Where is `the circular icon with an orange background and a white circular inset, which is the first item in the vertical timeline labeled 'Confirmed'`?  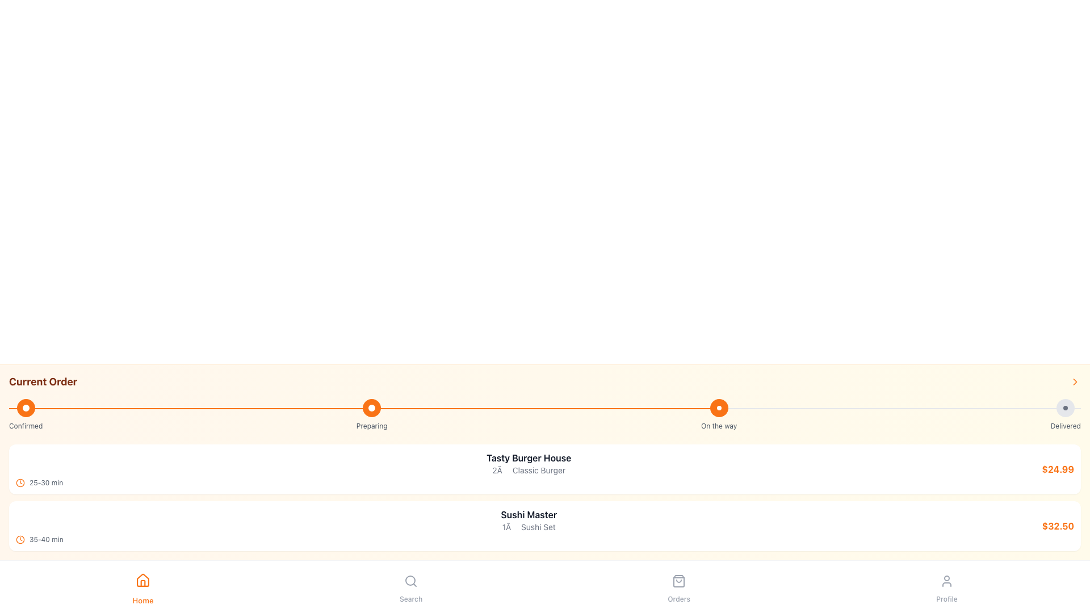 the circular icon with an orange background and a white circular inset, which is the first item in the vertical timeline labeled 'Confirmed' is located at coordinates (26, 407).